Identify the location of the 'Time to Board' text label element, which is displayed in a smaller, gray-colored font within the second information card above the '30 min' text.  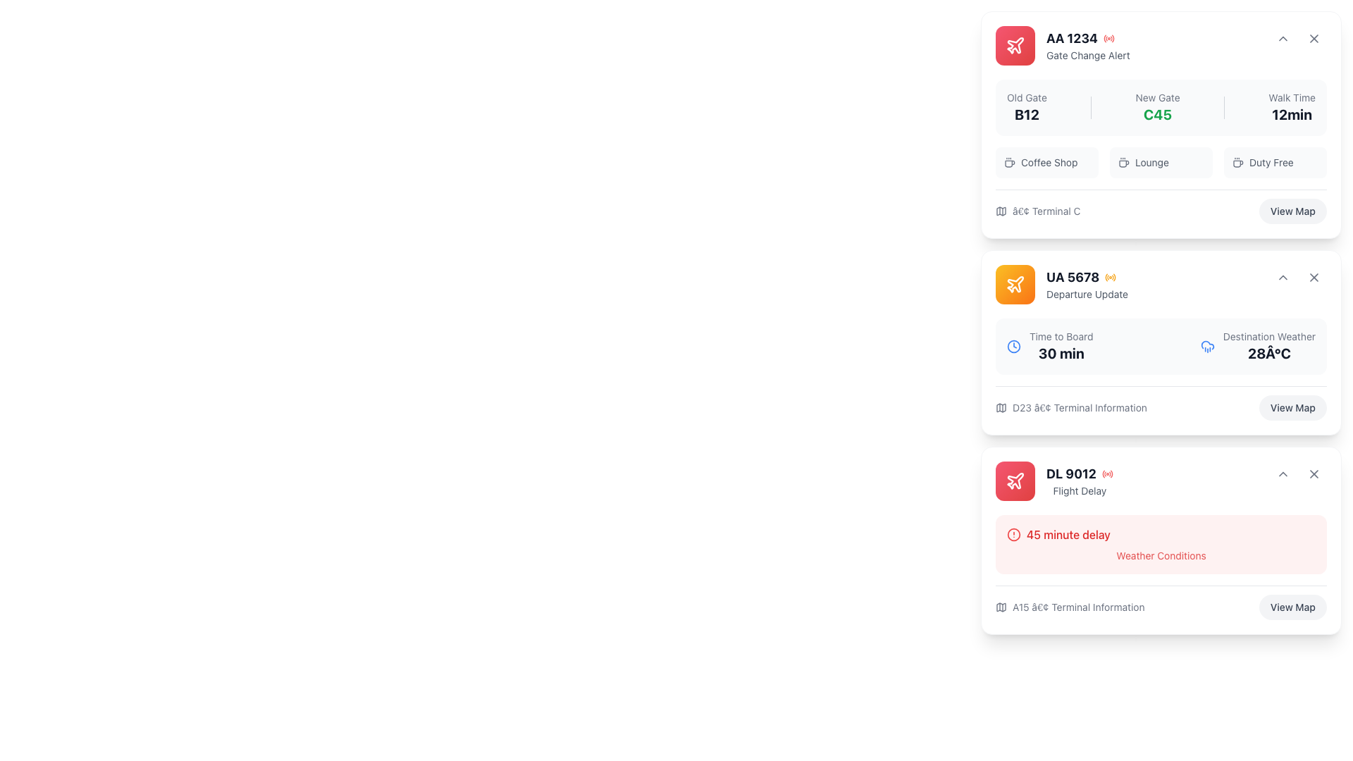
(1061, 337).